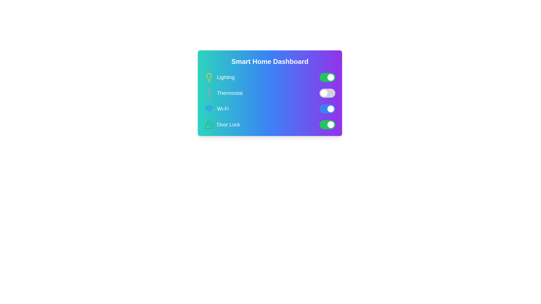 The image size is (541, 304). What do you see at coordinates (209, 124) in the screenshot?
I see `the lock icon with a green outline located in the lower-left corner of the Smart Home Dashboard, adjacent to the 'Door Lock' text` at bounding box center [209, 124].